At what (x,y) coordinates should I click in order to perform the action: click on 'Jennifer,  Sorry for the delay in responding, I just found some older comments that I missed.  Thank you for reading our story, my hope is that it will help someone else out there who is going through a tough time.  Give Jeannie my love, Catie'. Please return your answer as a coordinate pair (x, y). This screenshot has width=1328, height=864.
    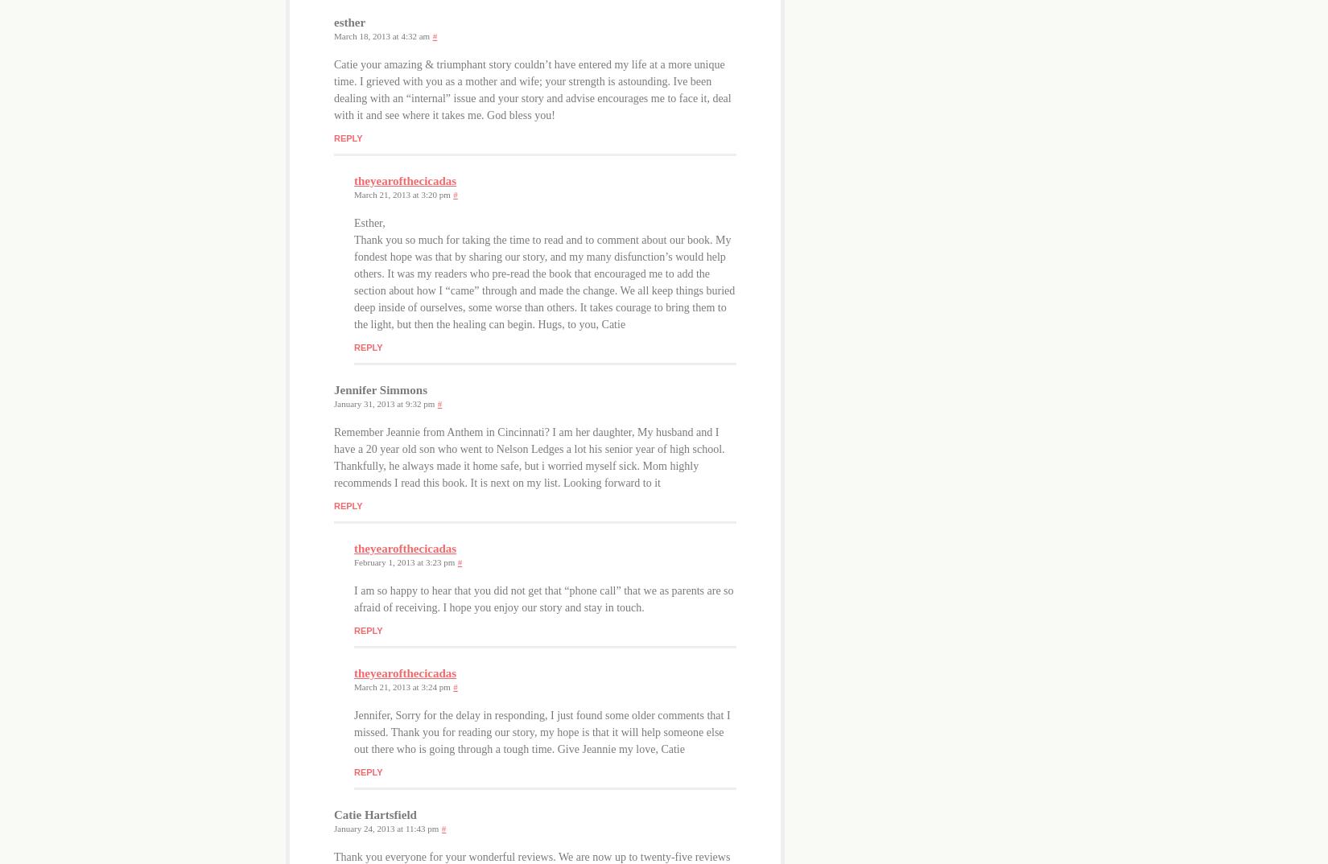
    Looking at the image, I should click on (541, 731).